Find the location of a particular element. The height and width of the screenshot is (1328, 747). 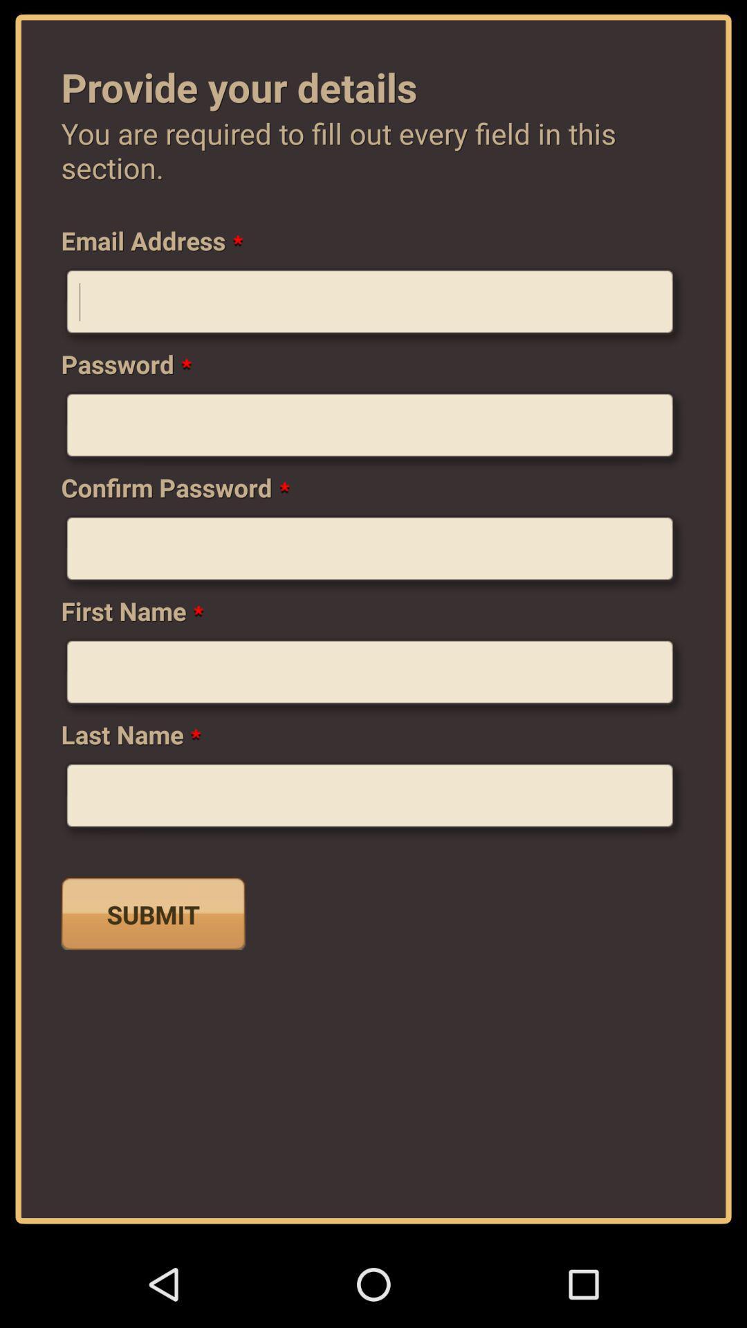

first name is located at coordinates (373, 677).